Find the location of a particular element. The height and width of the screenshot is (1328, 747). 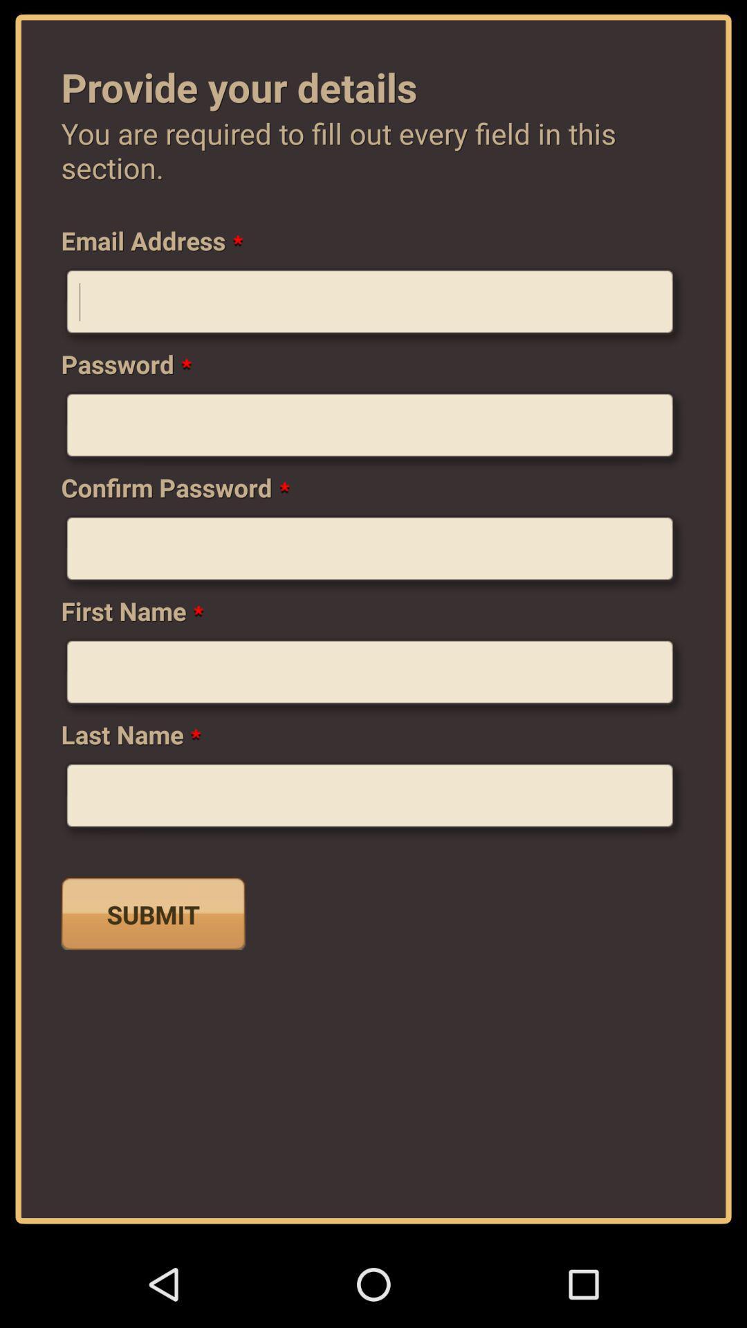

first name is located at coordinates (373, 677).